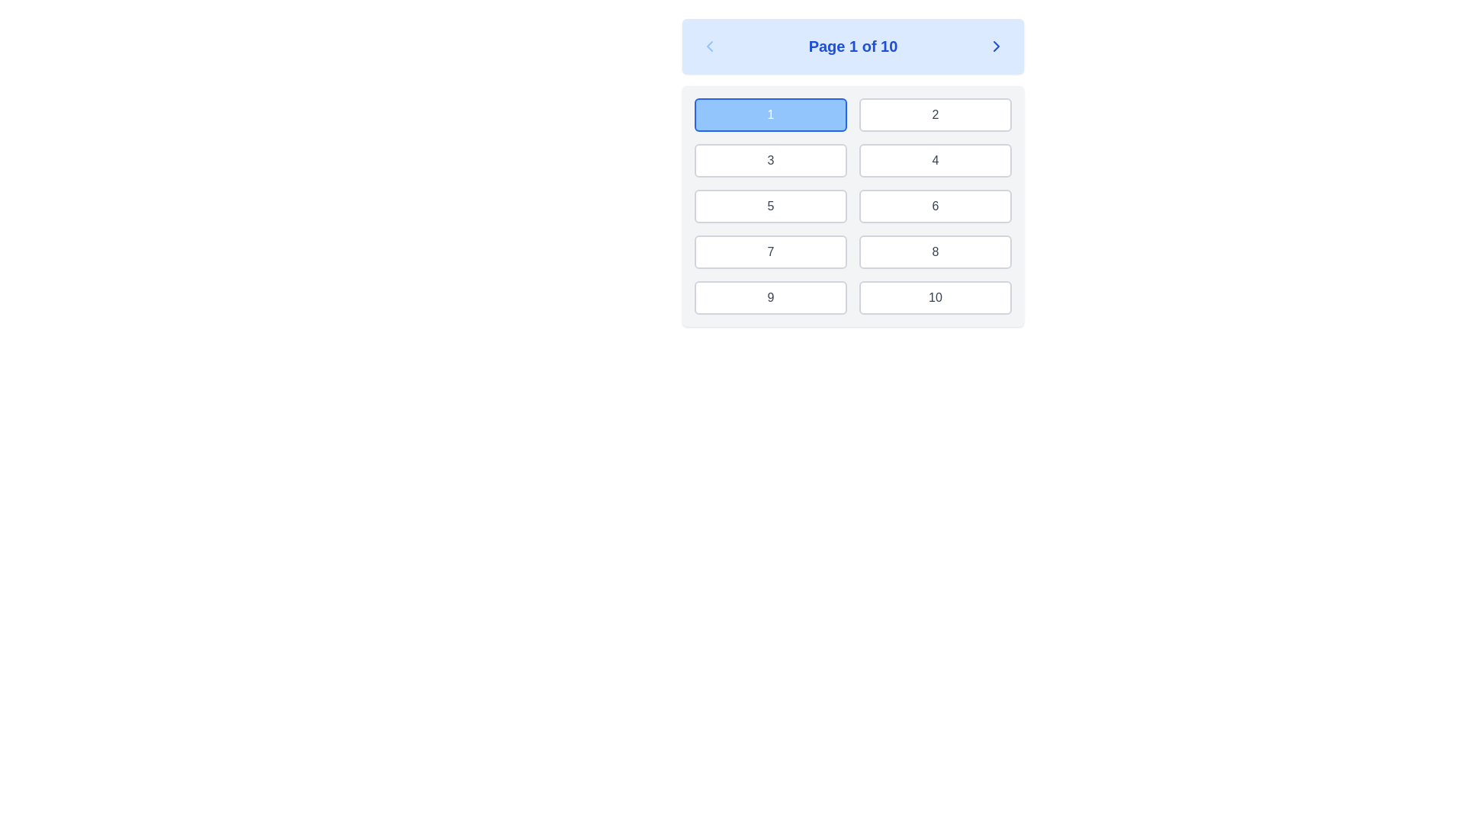 The image size is (1464, 823). What do you see at coordinates (771, 161) in the screenshot?
I see `the button displaying the number '3' in a gray font, located in the second row and first column of a two-column grid` at bounding box center [771, 161].